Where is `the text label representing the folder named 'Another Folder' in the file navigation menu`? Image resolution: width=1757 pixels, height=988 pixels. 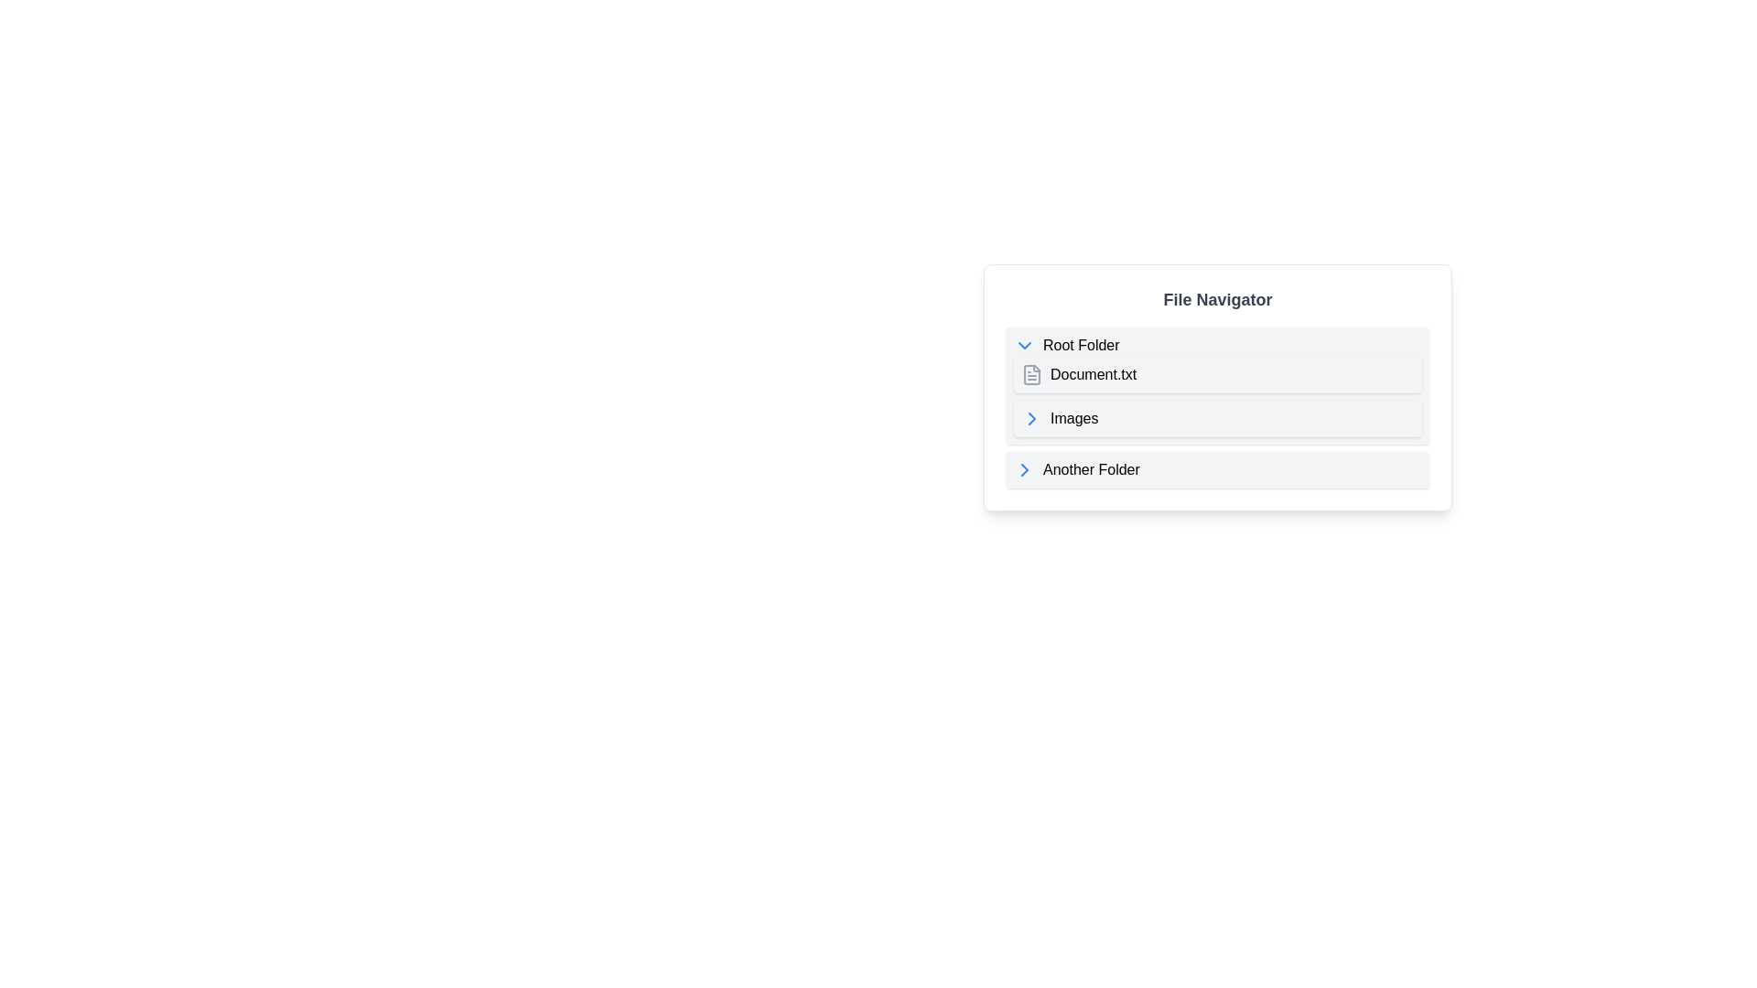
the text label representing the folder named 'Another Folder' in the file navigation menu is located at coordinates (1091, 468).